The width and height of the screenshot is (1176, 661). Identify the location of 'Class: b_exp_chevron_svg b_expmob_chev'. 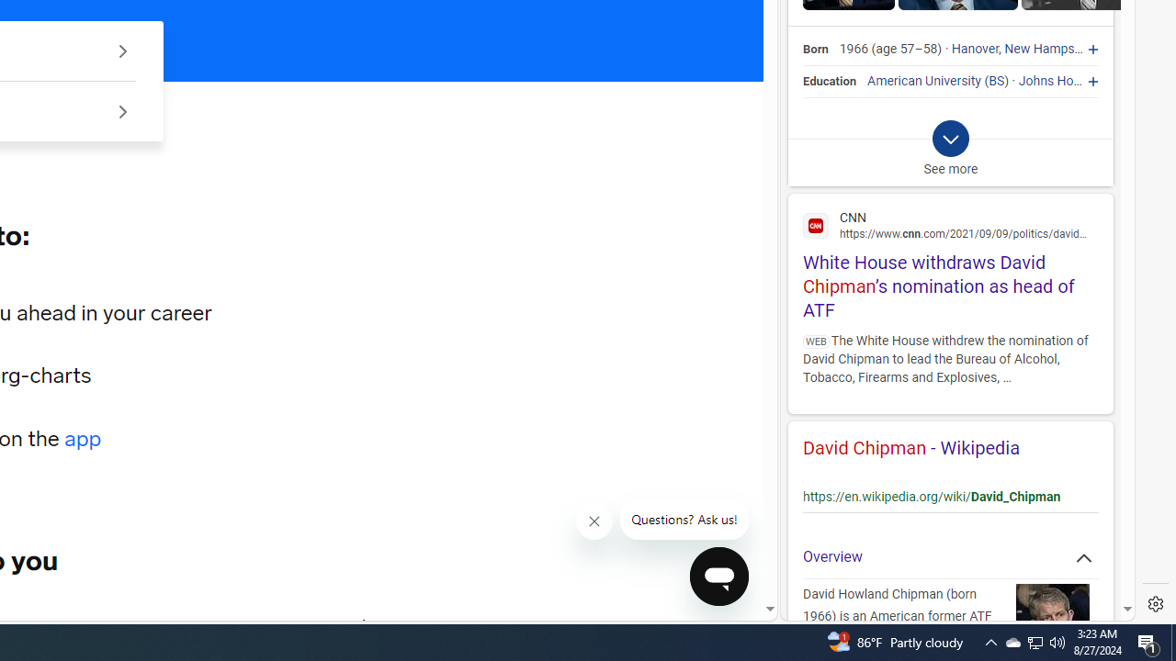
(950, 138).